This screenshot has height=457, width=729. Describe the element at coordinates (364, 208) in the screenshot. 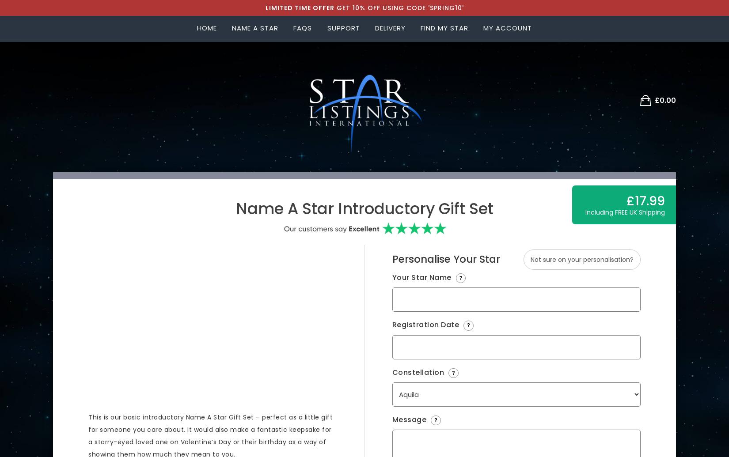

I see `'Name a Star Introductory Gift Set'` at that location.